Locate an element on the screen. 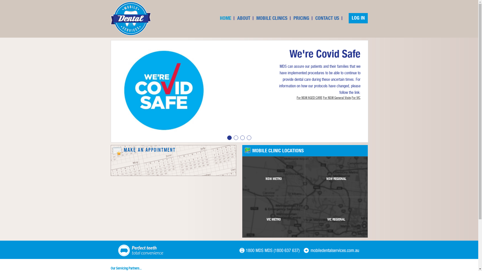  '4' is located at coordinates (247, 138).